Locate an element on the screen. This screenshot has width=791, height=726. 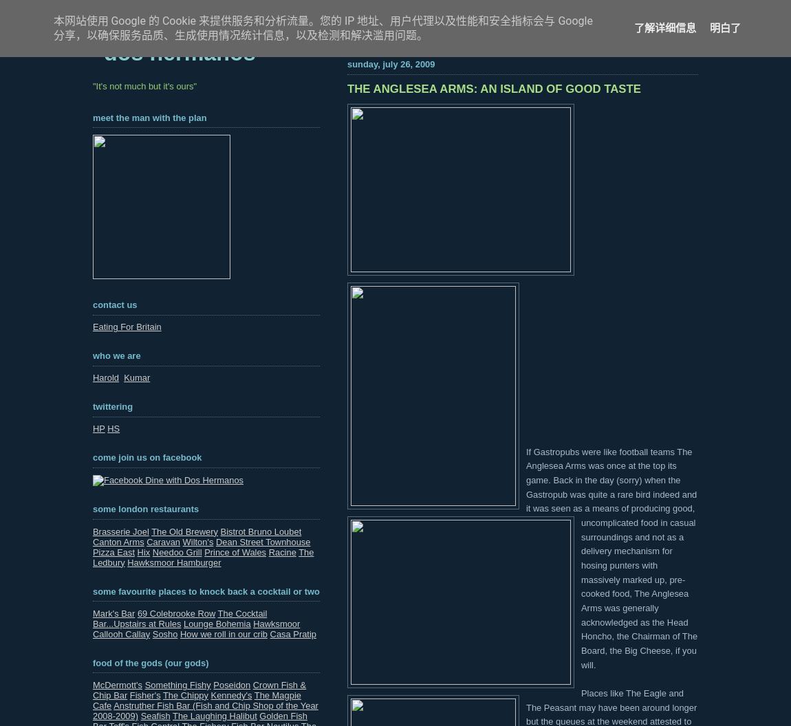
'Wilton's' is located at coordinates (197, 540).